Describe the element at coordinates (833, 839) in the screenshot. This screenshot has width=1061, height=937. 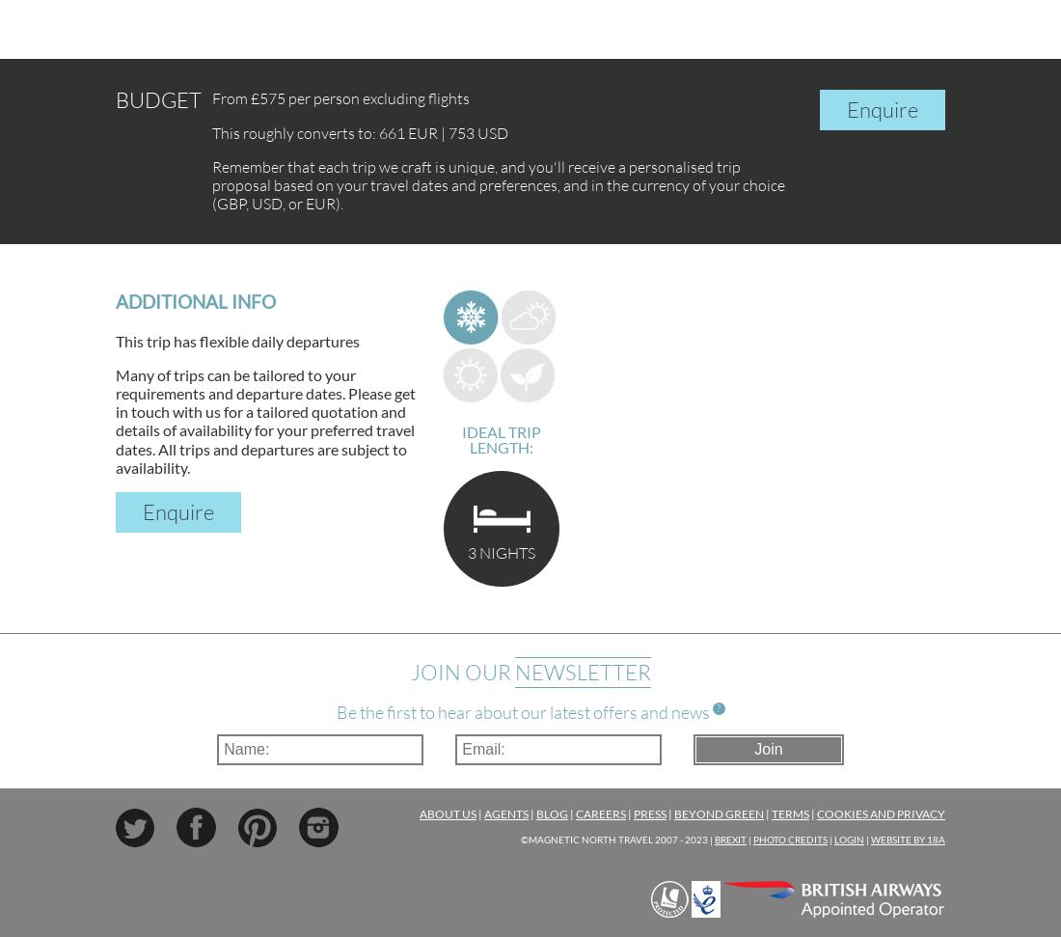
I see `'Login'` at that location.